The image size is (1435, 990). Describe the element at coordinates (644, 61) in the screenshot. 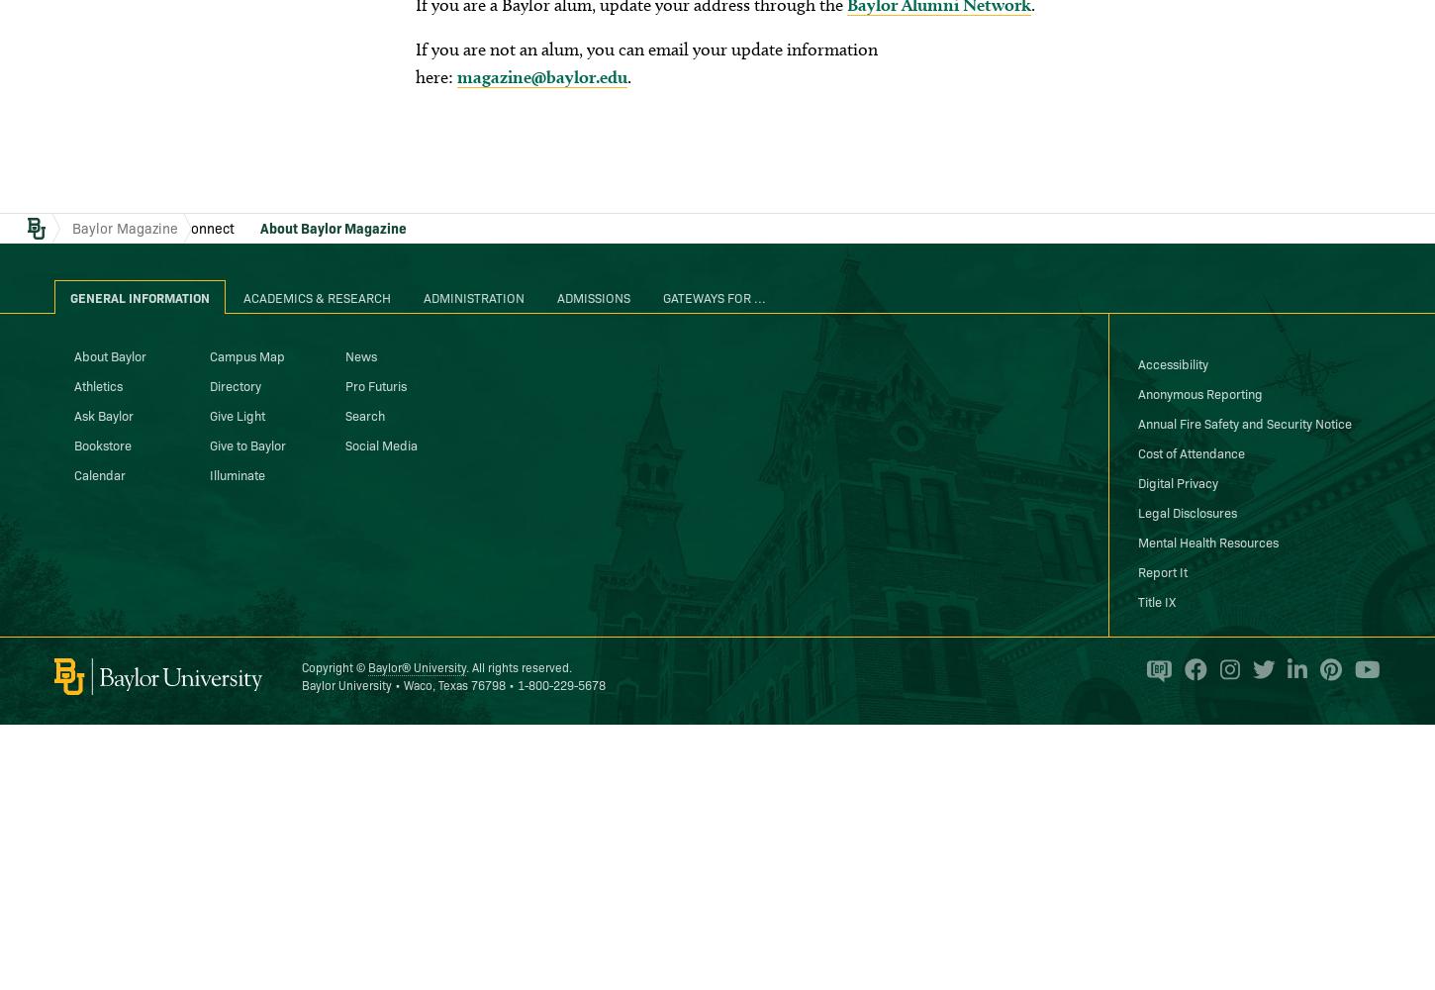

I see `'If you are not an alum, you can email your update information here:'` at that location.